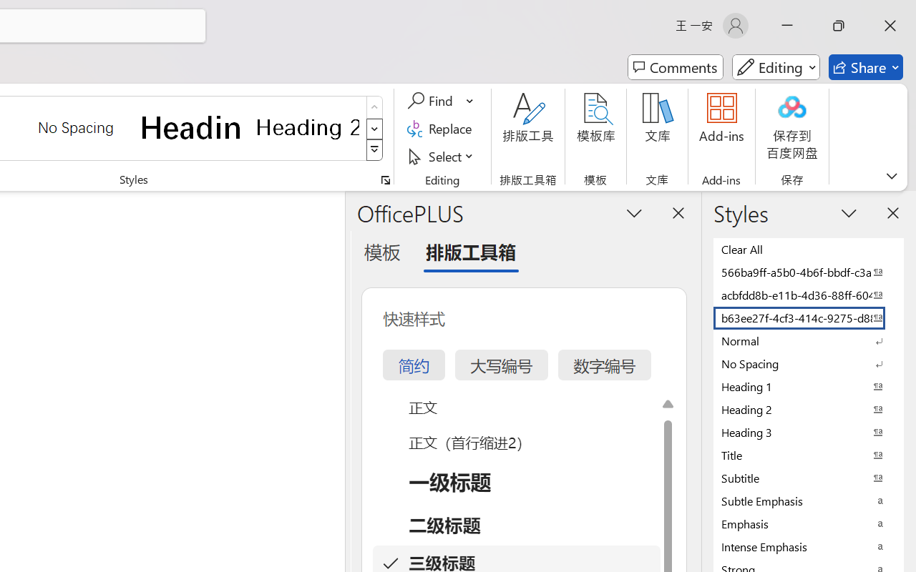  What do you see at coordinates (809, 249) in the screenshot?
I see `'Clear All'` at bounding box center [809, 249].